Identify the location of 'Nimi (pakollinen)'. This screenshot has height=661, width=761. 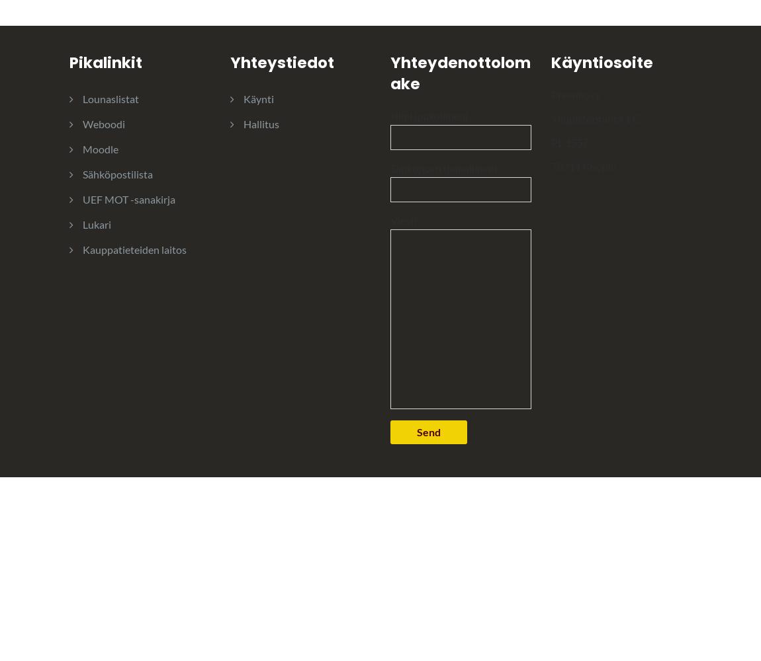
(428, 115).